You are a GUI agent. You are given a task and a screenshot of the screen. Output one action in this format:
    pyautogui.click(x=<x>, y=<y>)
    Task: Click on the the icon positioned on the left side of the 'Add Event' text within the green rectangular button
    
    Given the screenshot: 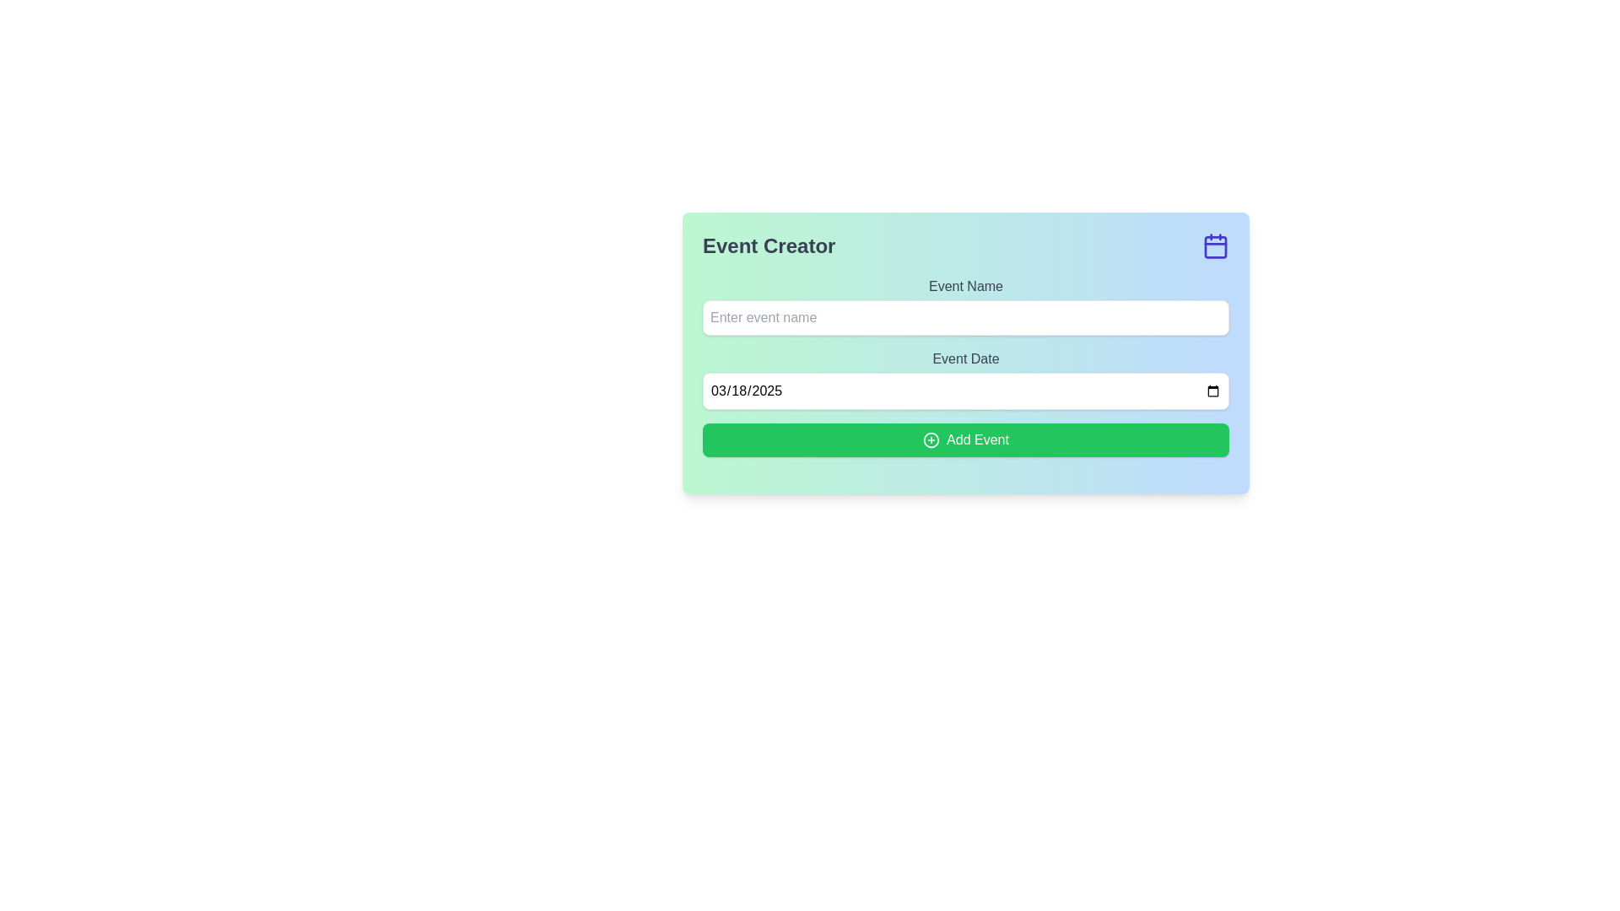 What is the action you would take?
    pyautogui.click(x=931, y=439)
    